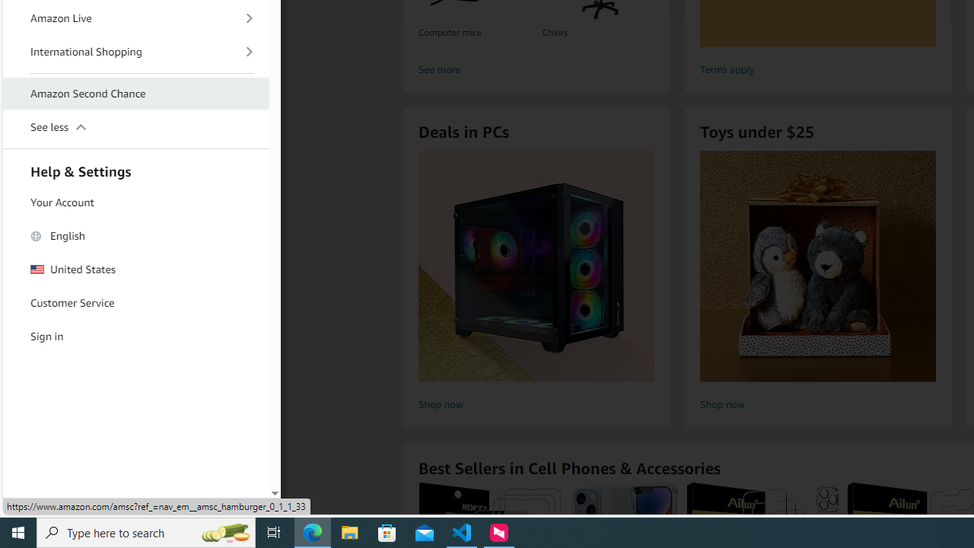 The width and height of the screenshot is (974, 548). What do you see at coordinates (136, 269) in the screenshot?
I see `'United States'` at bounding box center [136, 269].